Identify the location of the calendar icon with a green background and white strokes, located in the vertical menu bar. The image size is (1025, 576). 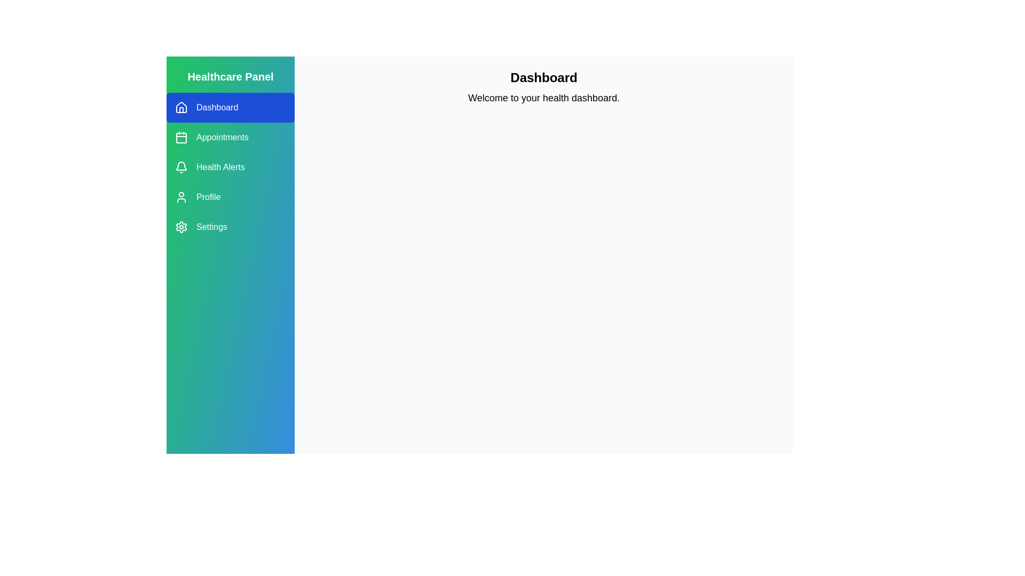
(182, 137).